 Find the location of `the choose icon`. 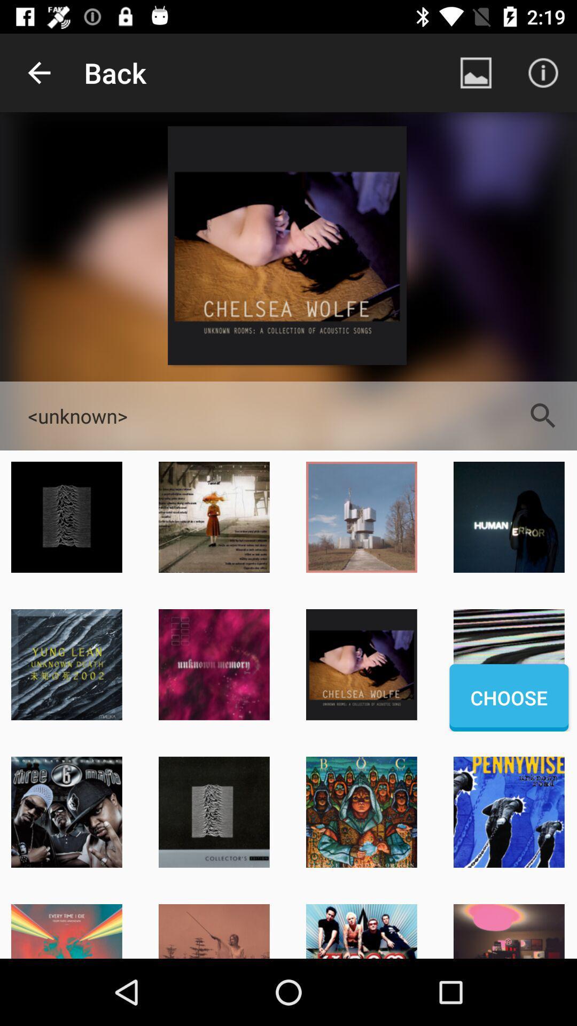

the choose icon is located at coordinates (508, 697).